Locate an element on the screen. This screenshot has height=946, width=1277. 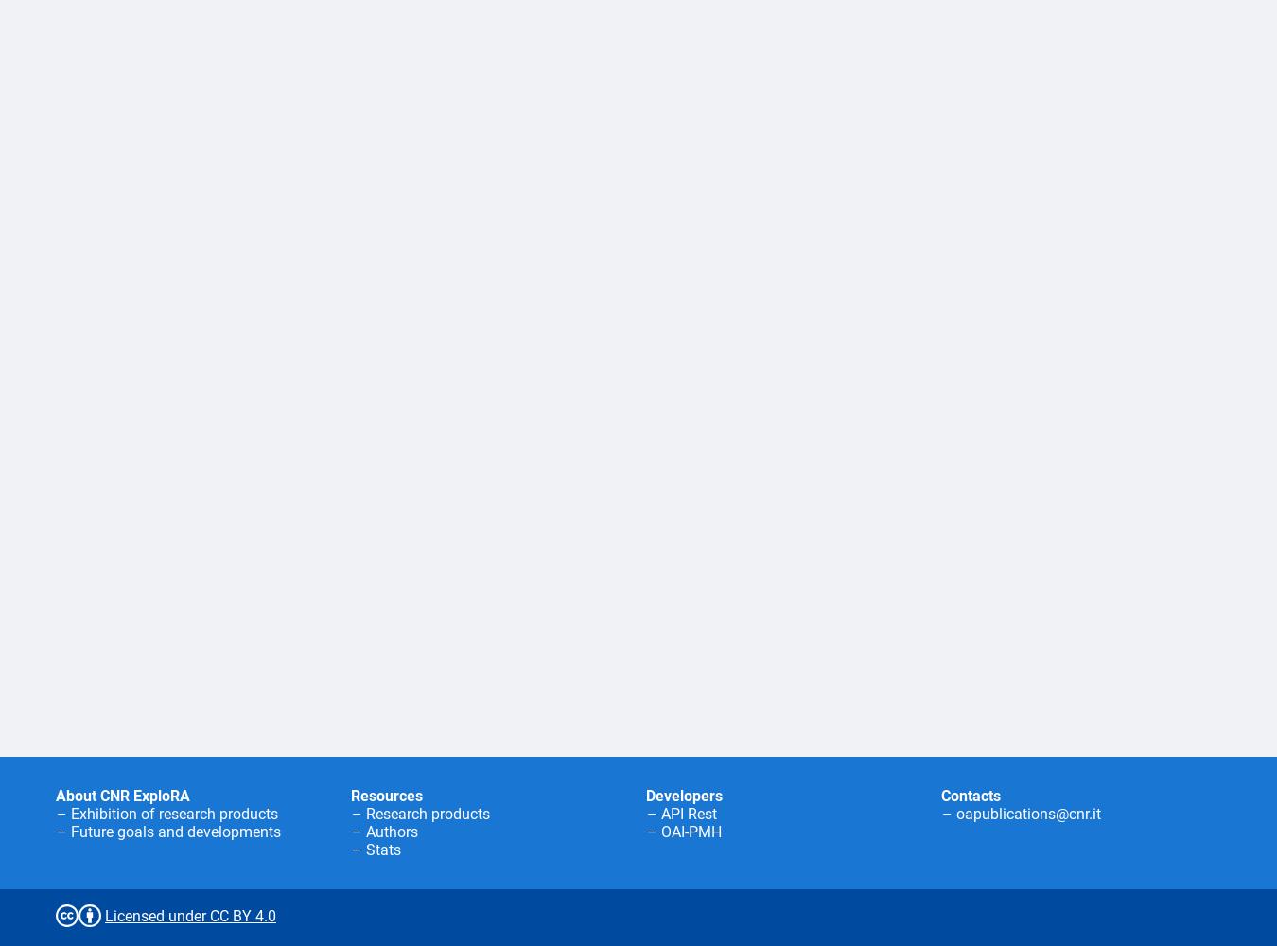
'Licensed under CC BY 4.0' is located at coordinates (190, 915).